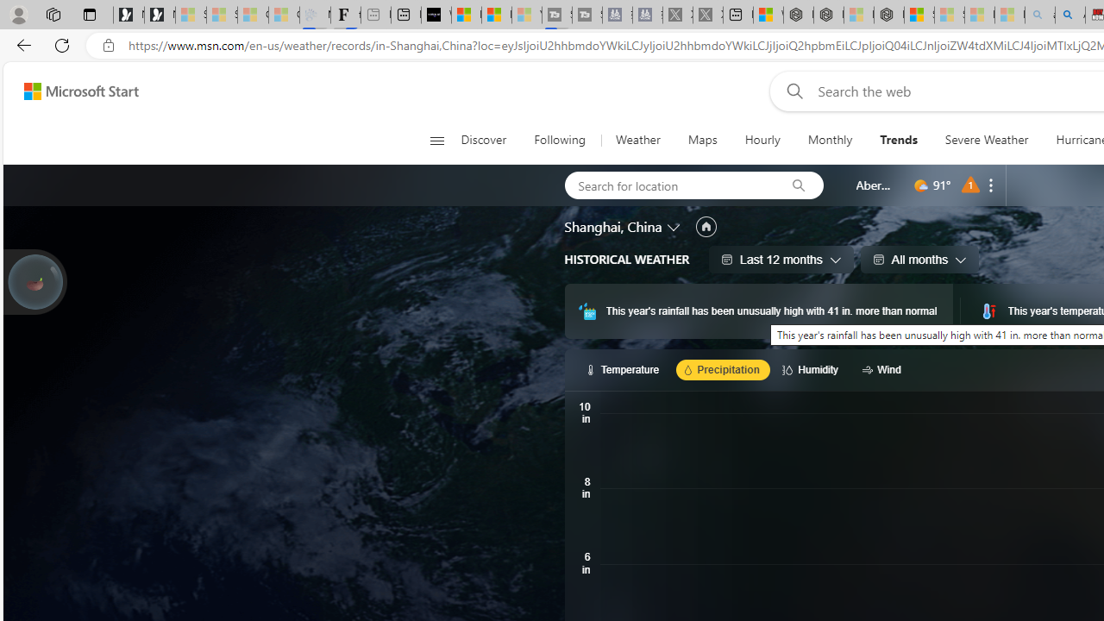 The image size is (1104, 621). Describe the element at coordinates (889, 15) in the screenshot. I see `'Nordace - Nordace Siena Is Not An Ordinary Backpack'` at that location.